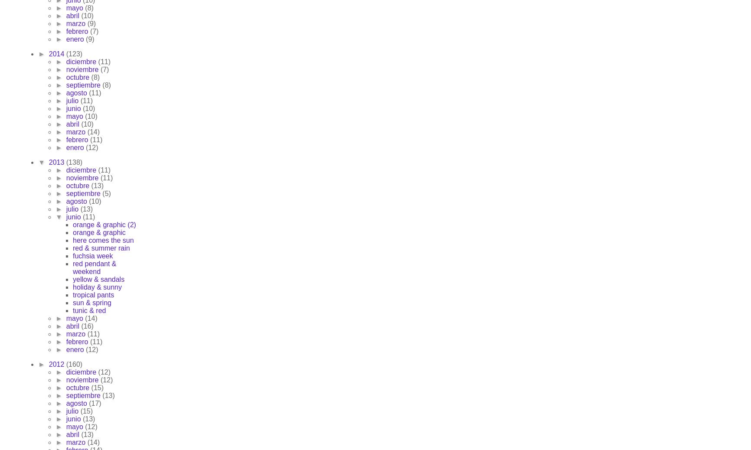 The image size is (751, 450). I want to click on 'red & summer rain', so click(101, 247).